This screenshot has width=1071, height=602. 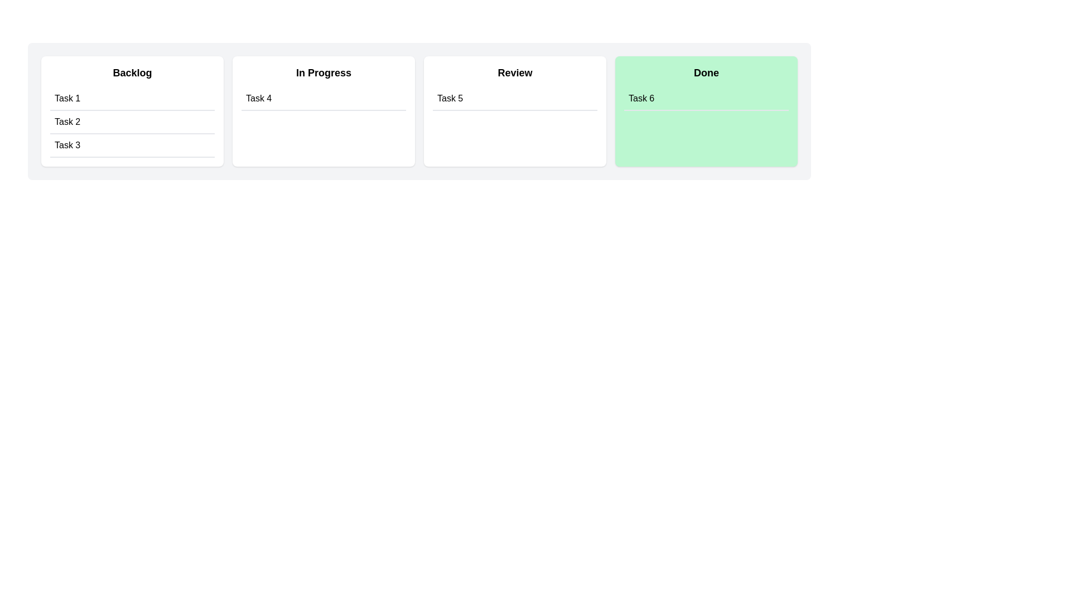 I want to click on the column titled Review to inspect its items, so click(x=514, y=111).